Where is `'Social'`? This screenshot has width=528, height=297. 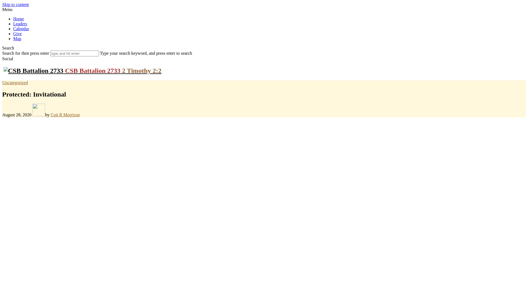 'Social' is located at coordinates (8, 59).